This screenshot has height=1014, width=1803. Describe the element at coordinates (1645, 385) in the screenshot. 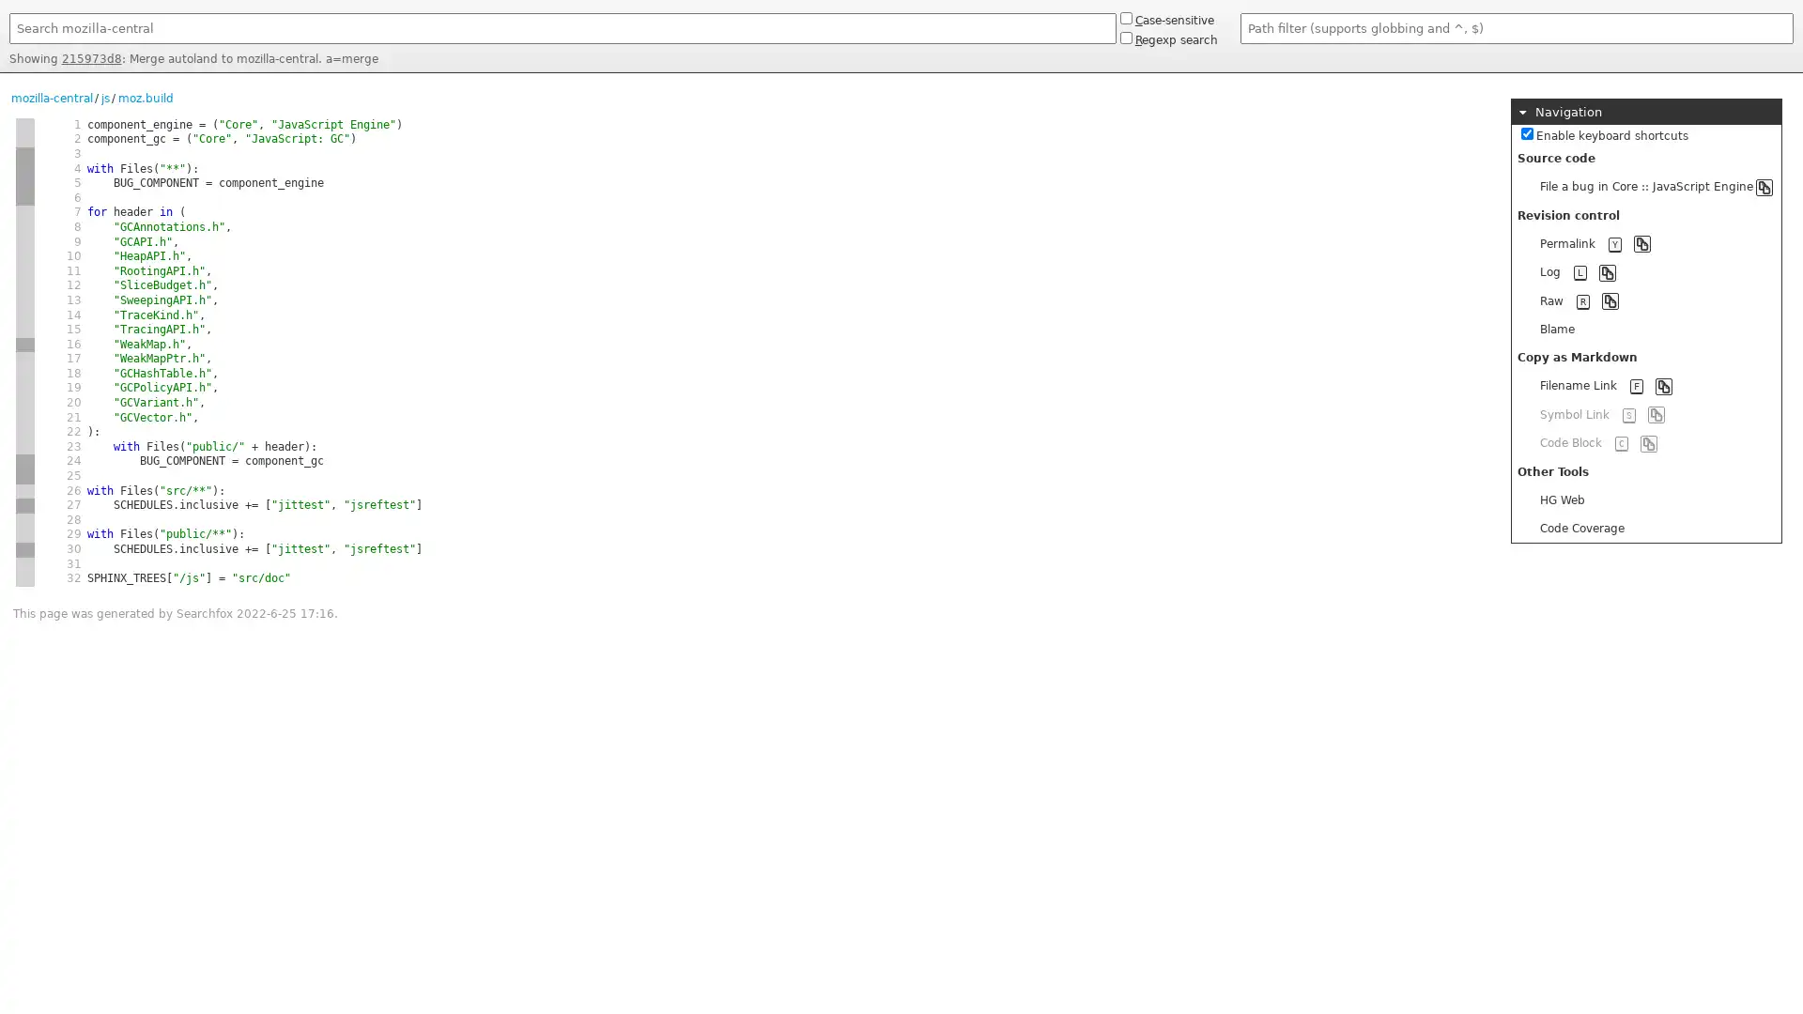

I see `Filename Link F` at that location.